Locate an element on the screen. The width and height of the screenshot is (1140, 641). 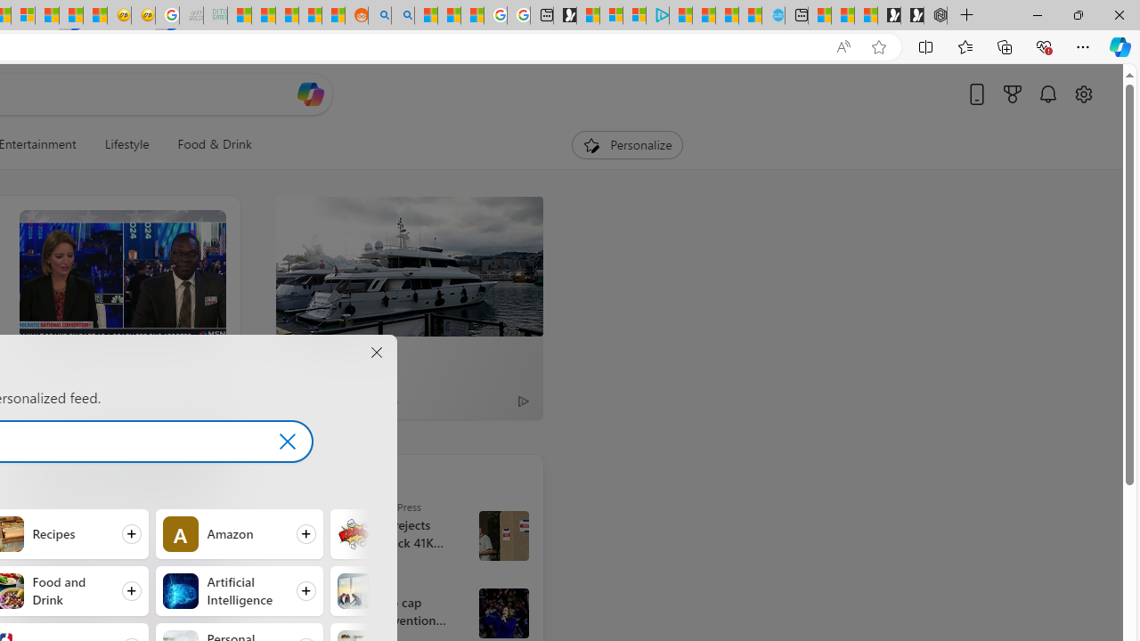
'Microsoft Start Gaming' is located at coordinates (564, 15).